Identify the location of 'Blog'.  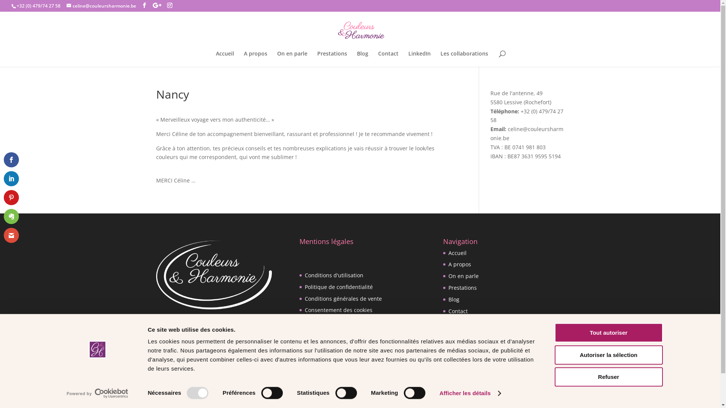
(448, 299).